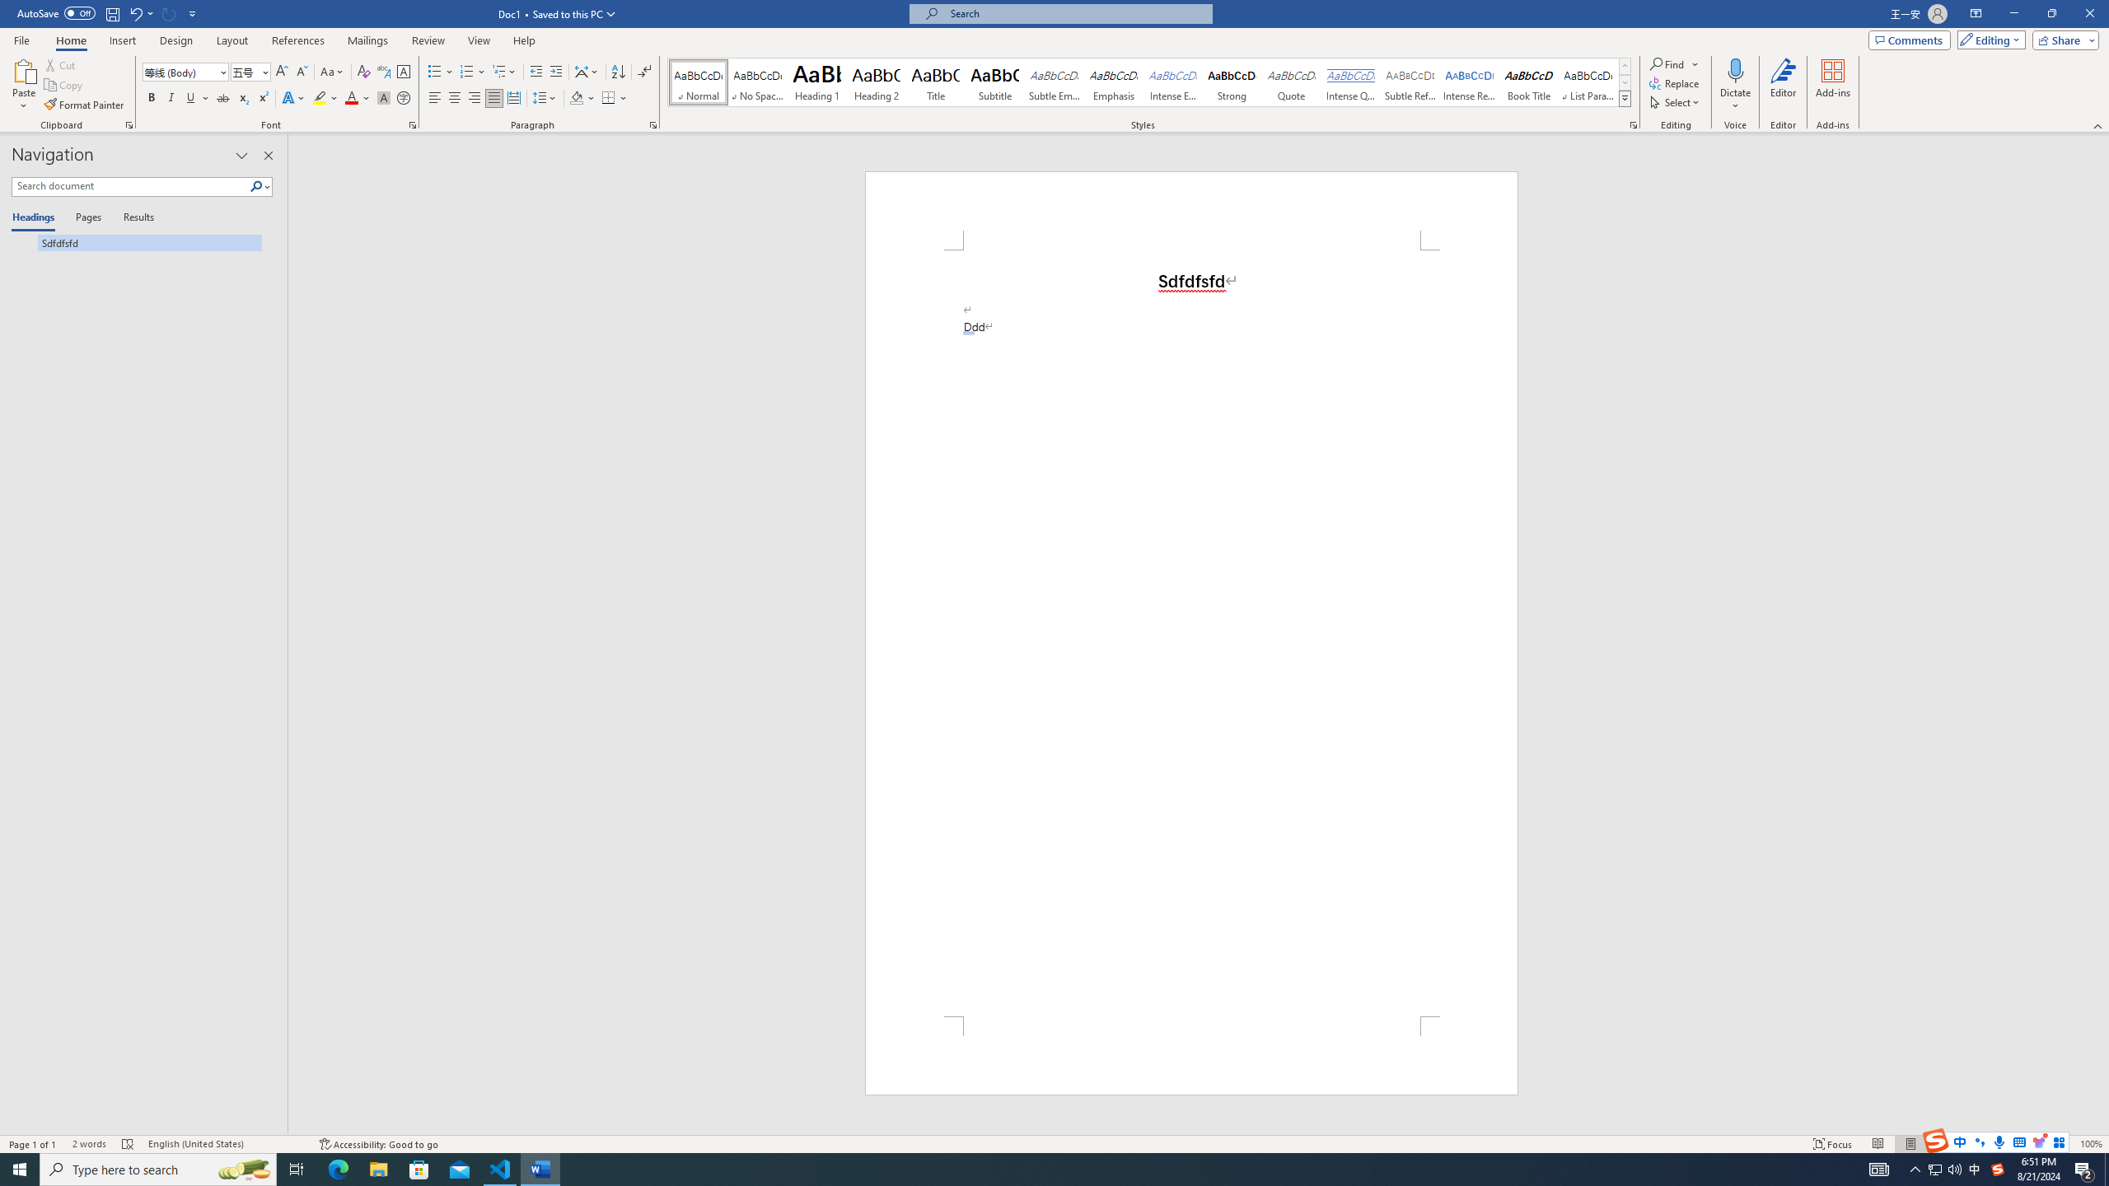 Image resolution: width=2109 pixels, height=1186 pixels. Describe the element at coordinates (523, 40) in the screenshot. I see `'Help'` at that location.